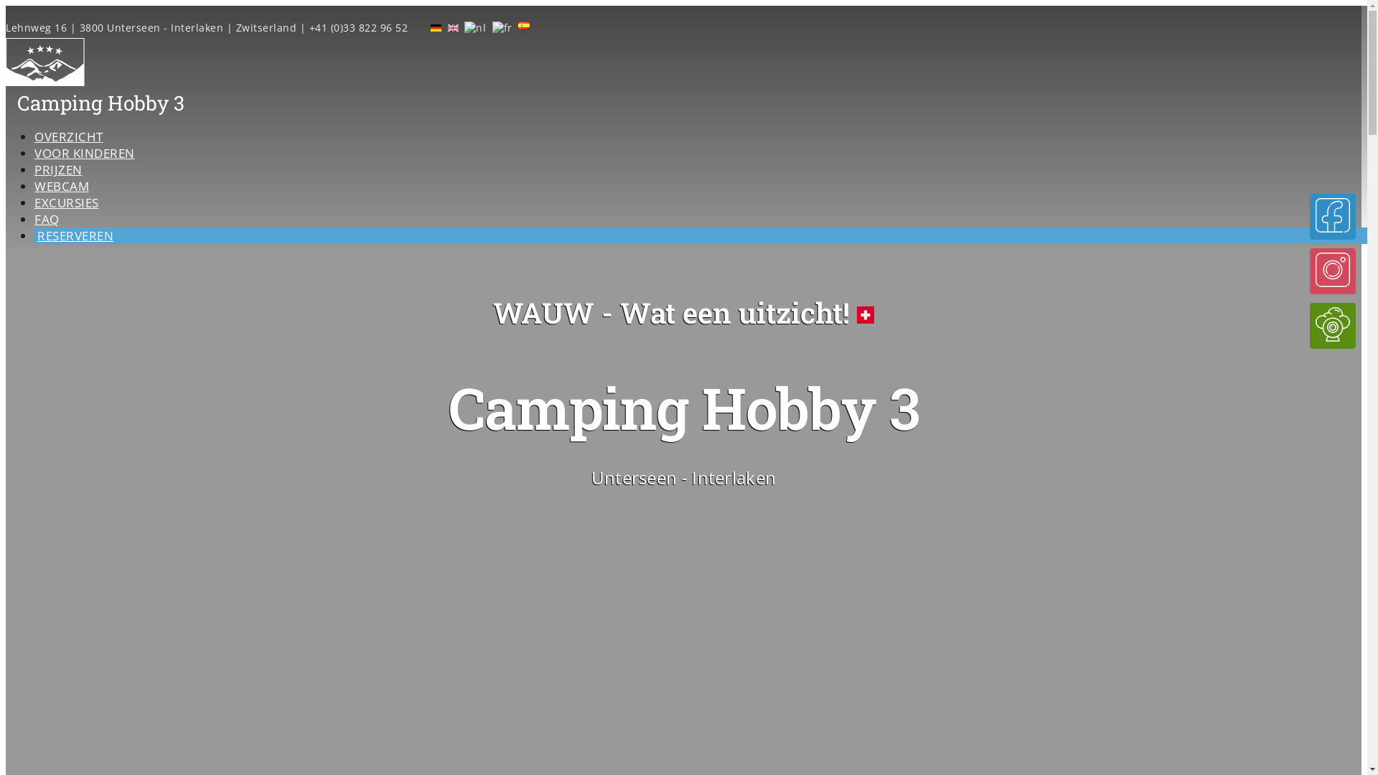 Image resolution: width=1378 pixels, height=775 pixels. Describe the element at coordinates (358, 27) in the screenshot. I see `'+41 (0)33 822 96 52'` at that location.